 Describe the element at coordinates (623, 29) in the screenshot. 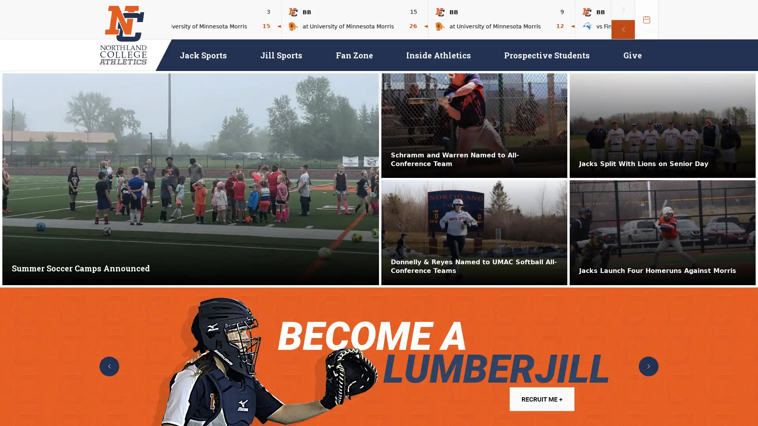

I see `previous` at that location.